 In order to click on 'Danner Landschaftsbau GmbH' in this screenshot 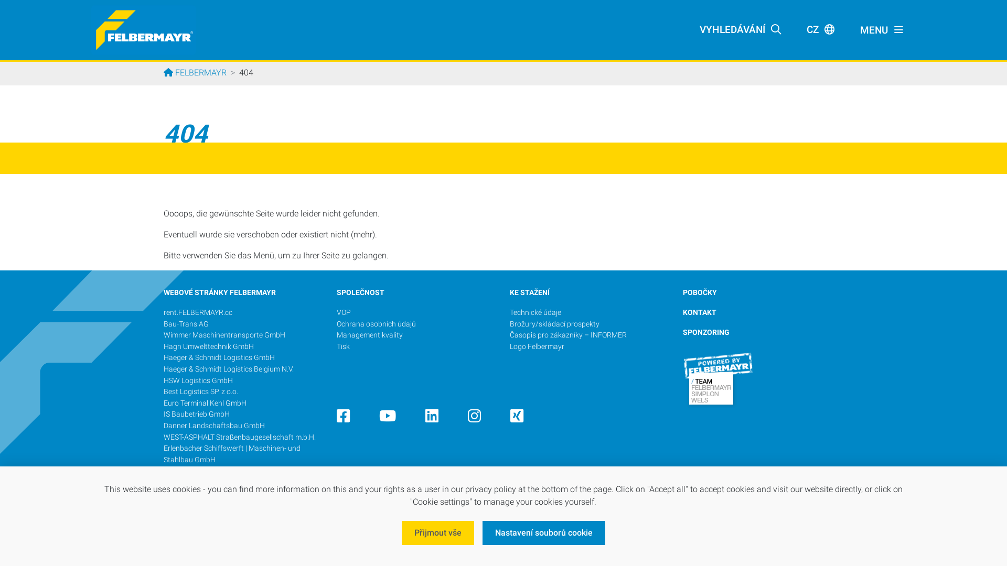, I will do `click(213, 426)`.